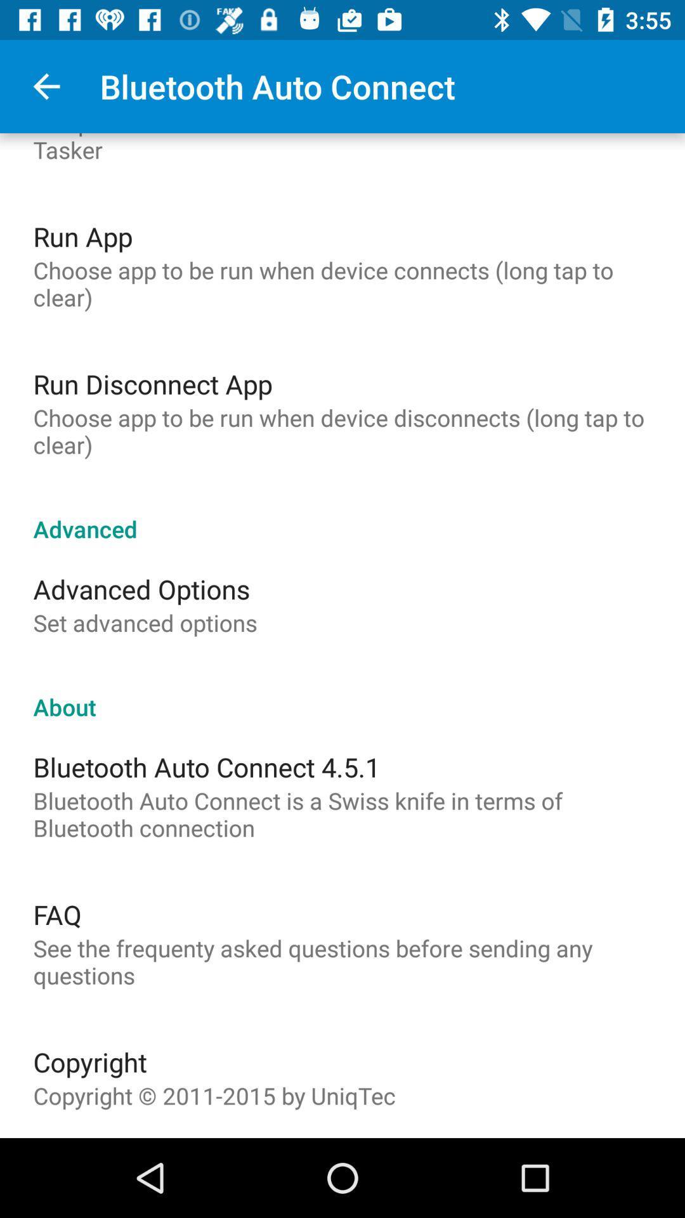 The height and width of the screenshot is (1218, 685). What do you see at coordinates (214, 1095) in the screenshot?
I see `the copyright 2011 2015 item` at bounding box center [214, 1095].